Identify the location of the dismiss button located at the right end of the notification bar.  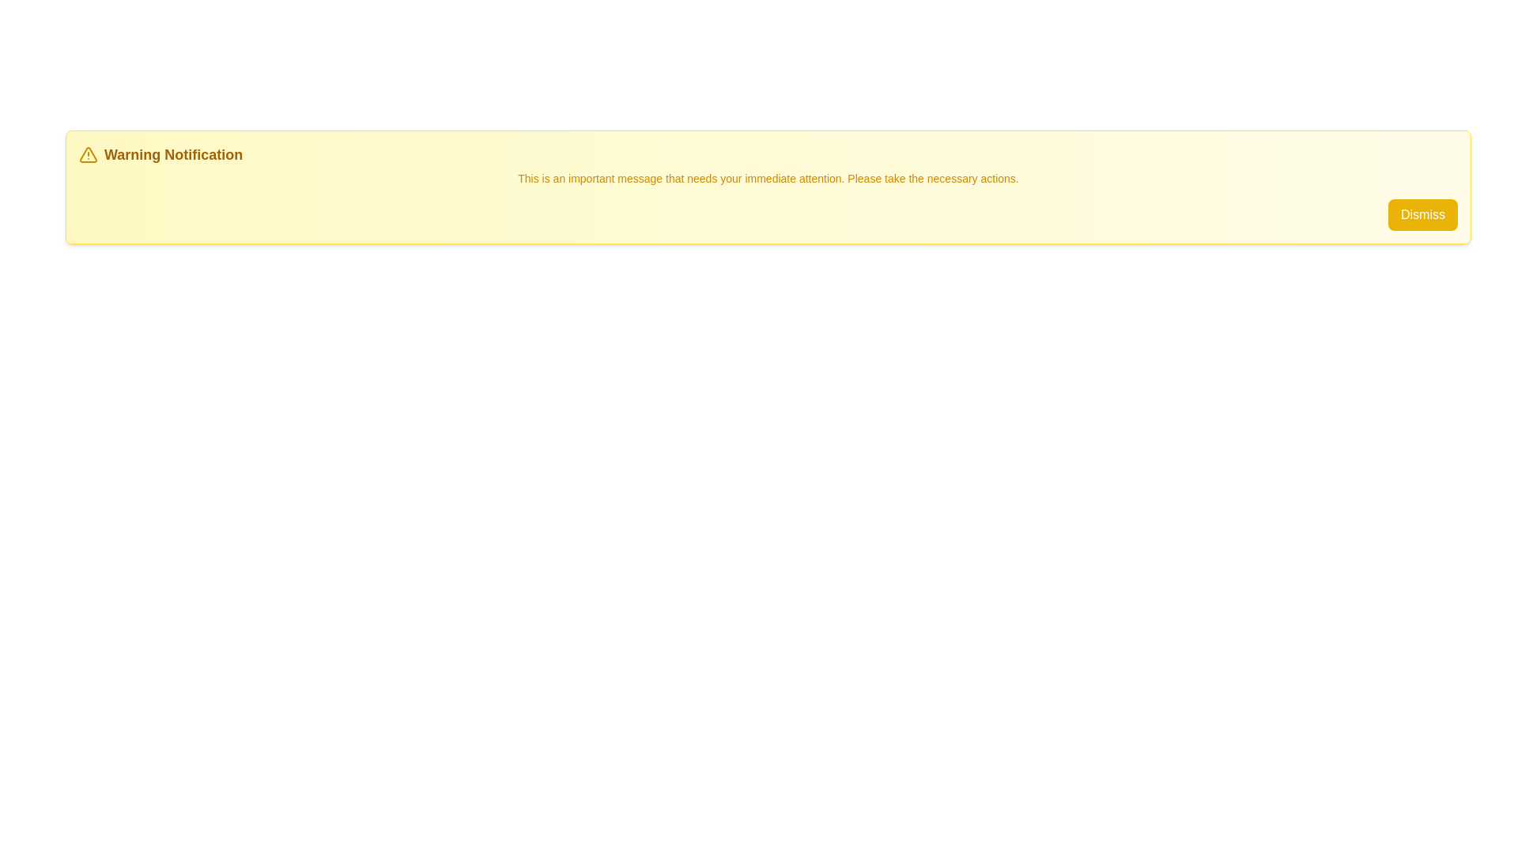
(1423, 214).